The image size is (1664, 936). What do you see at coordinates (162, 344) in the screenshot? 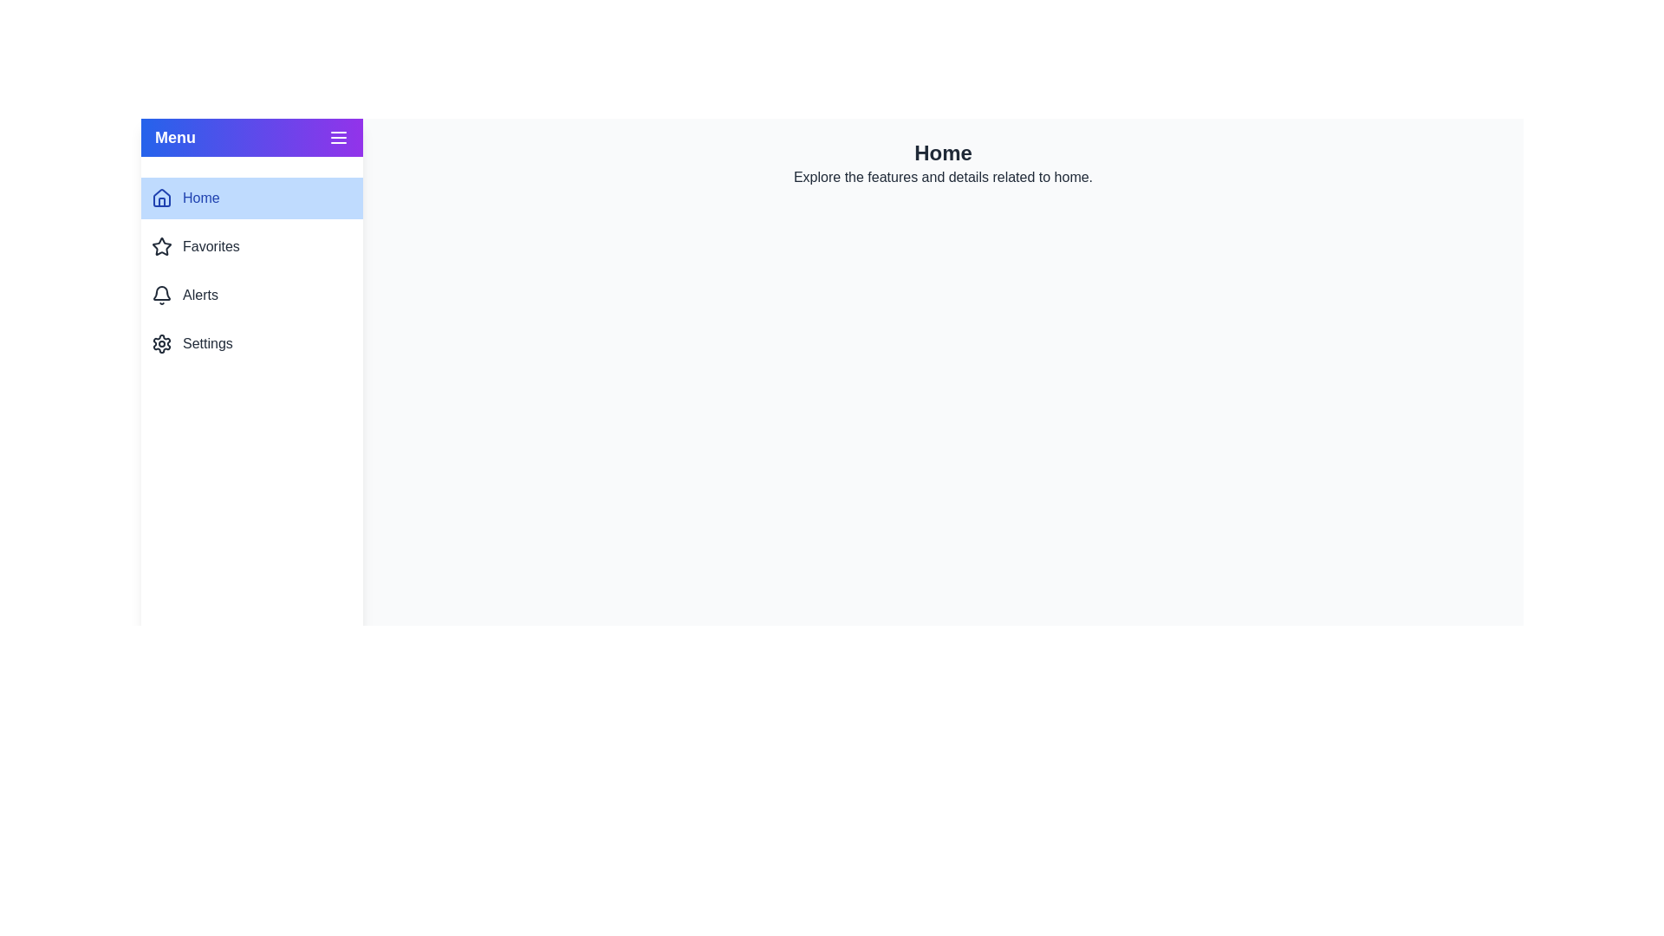
I see `the settings icon located in the sidebar menu` at bounding box center [162, 344].